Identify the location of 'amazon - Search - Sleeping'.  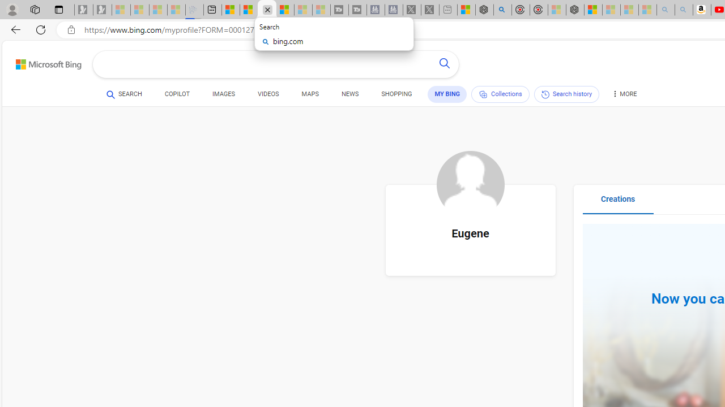
(666, 10).